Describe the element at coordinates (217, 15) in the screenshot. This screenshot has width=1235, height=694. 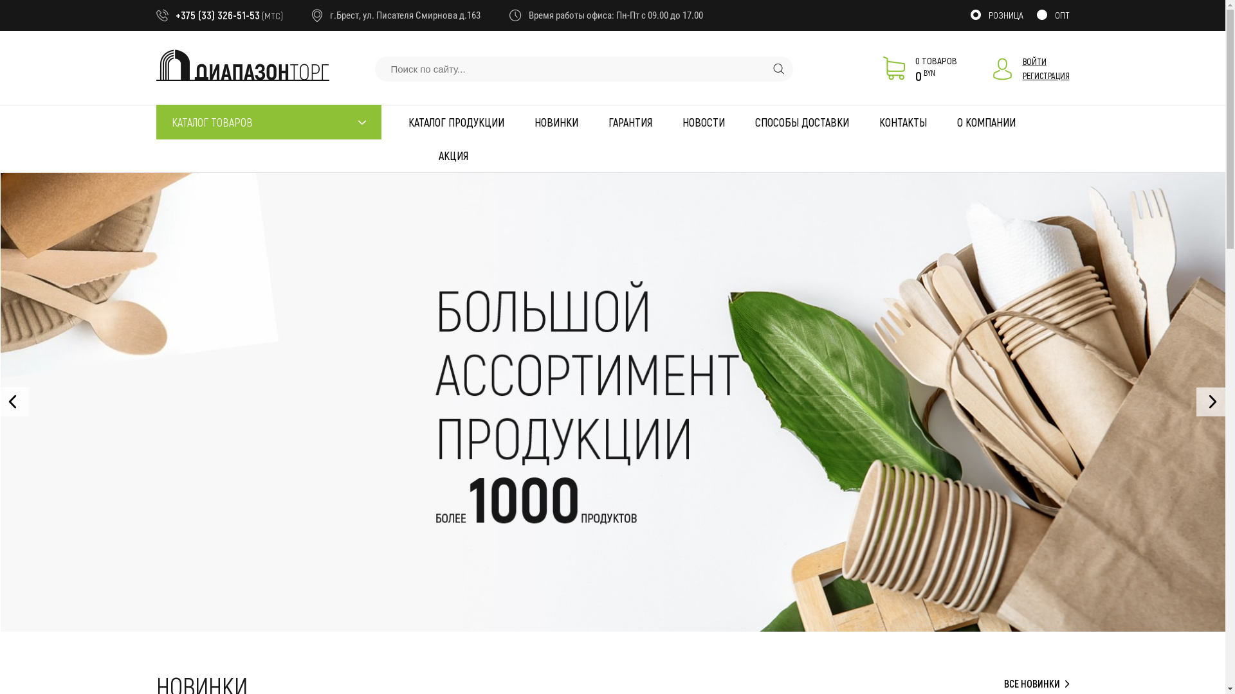
I see `'+375 (33) 326-51-53'` at that location.